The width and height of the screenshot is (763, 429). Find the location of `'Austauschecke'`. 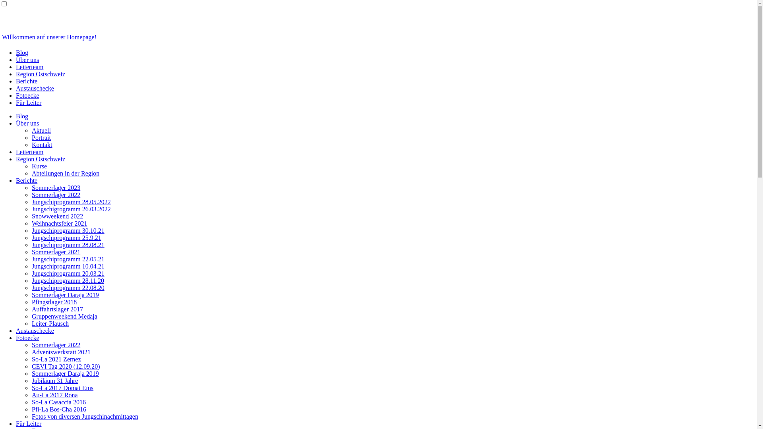

'Austauschecke' is located at coordinates (34, 330).